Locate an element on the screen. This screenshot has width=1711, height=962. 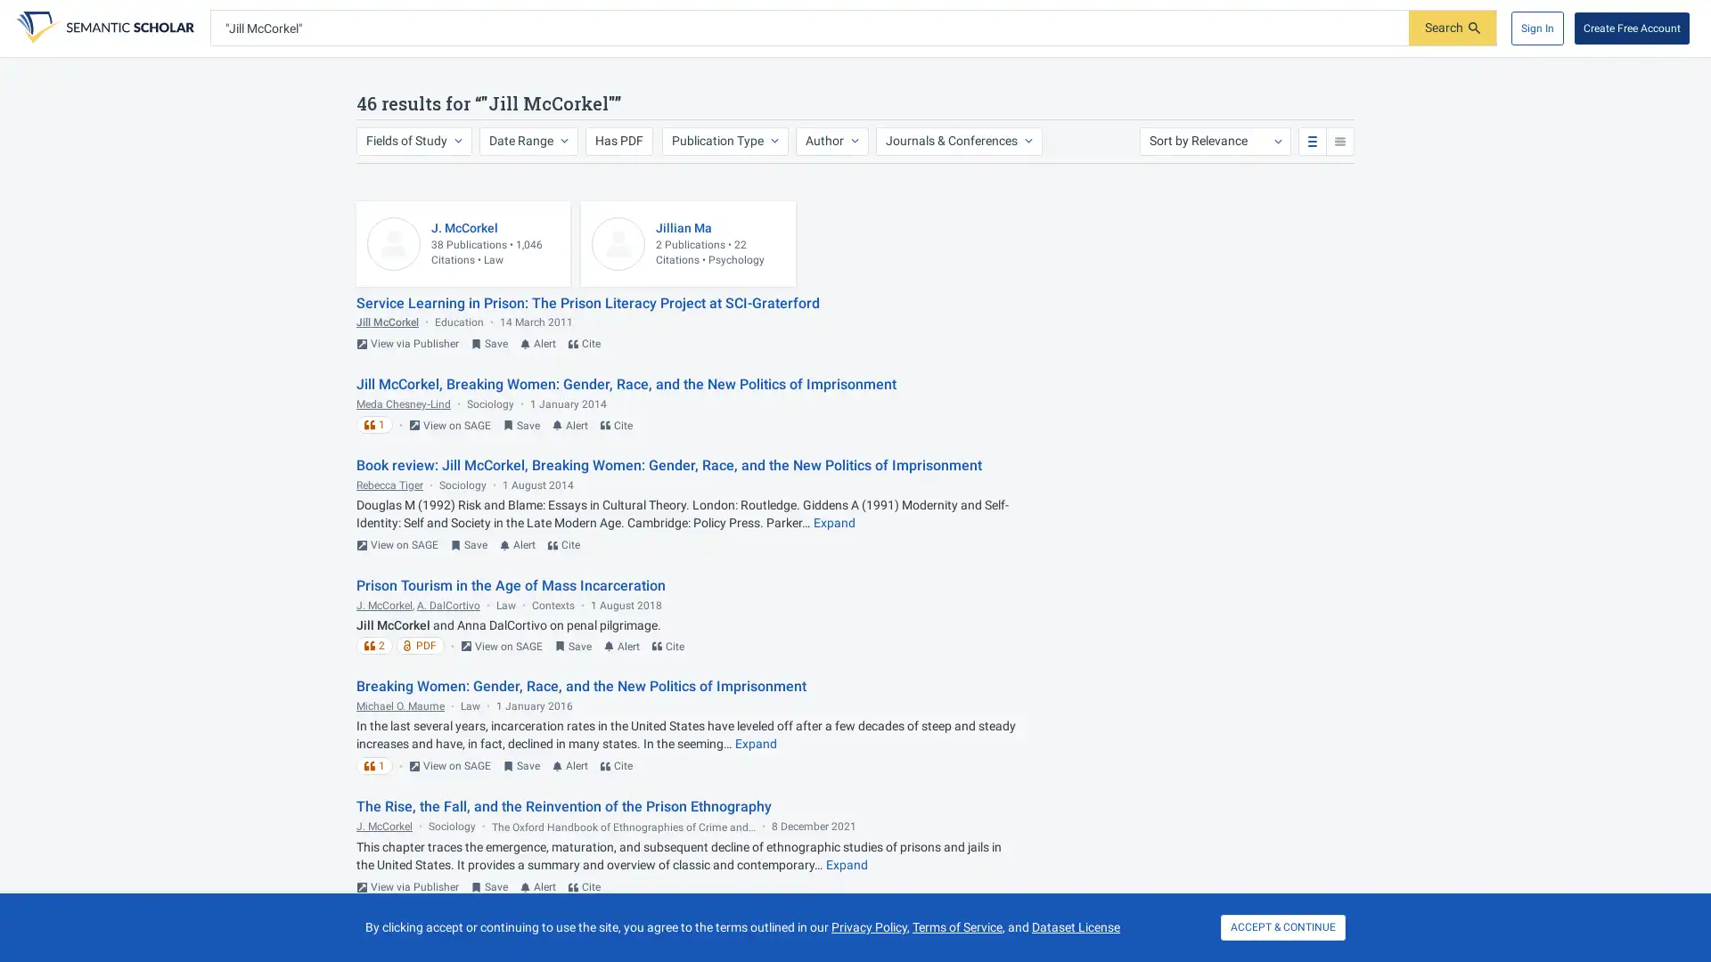
standard search results view is located at coordinates (1313, 140).